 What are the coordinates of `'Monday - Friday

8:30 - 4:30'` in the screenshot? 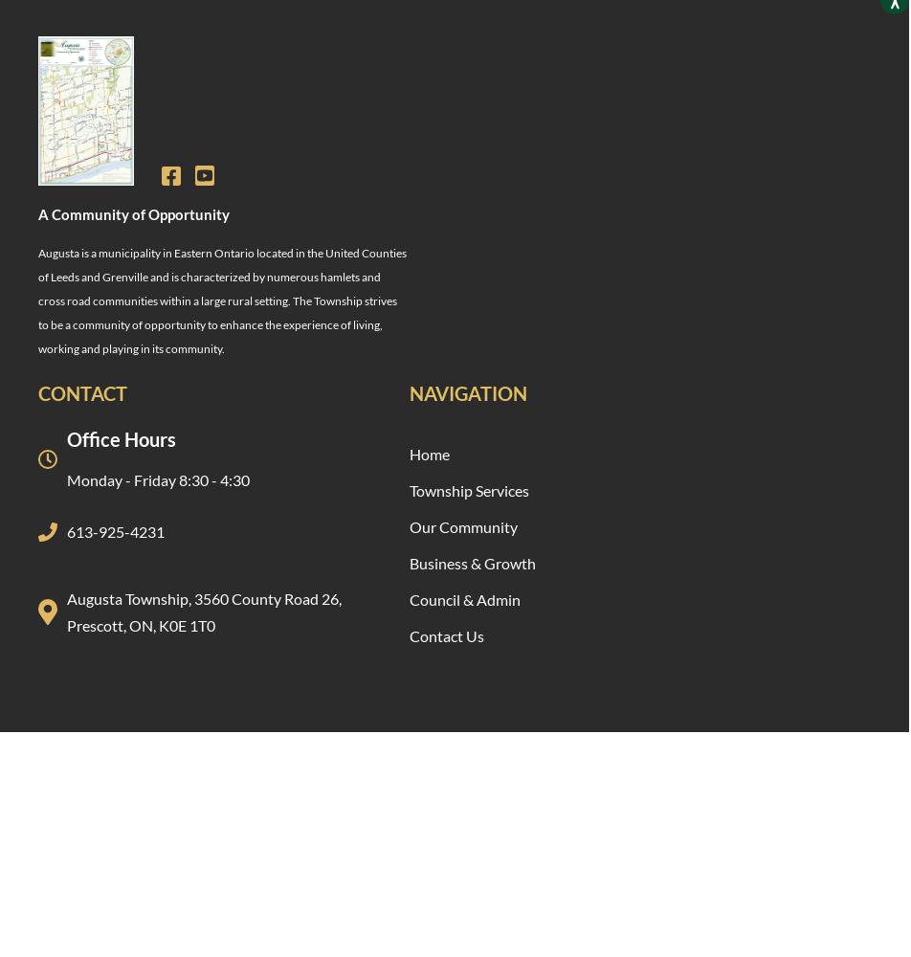 It's located at (158, 478).